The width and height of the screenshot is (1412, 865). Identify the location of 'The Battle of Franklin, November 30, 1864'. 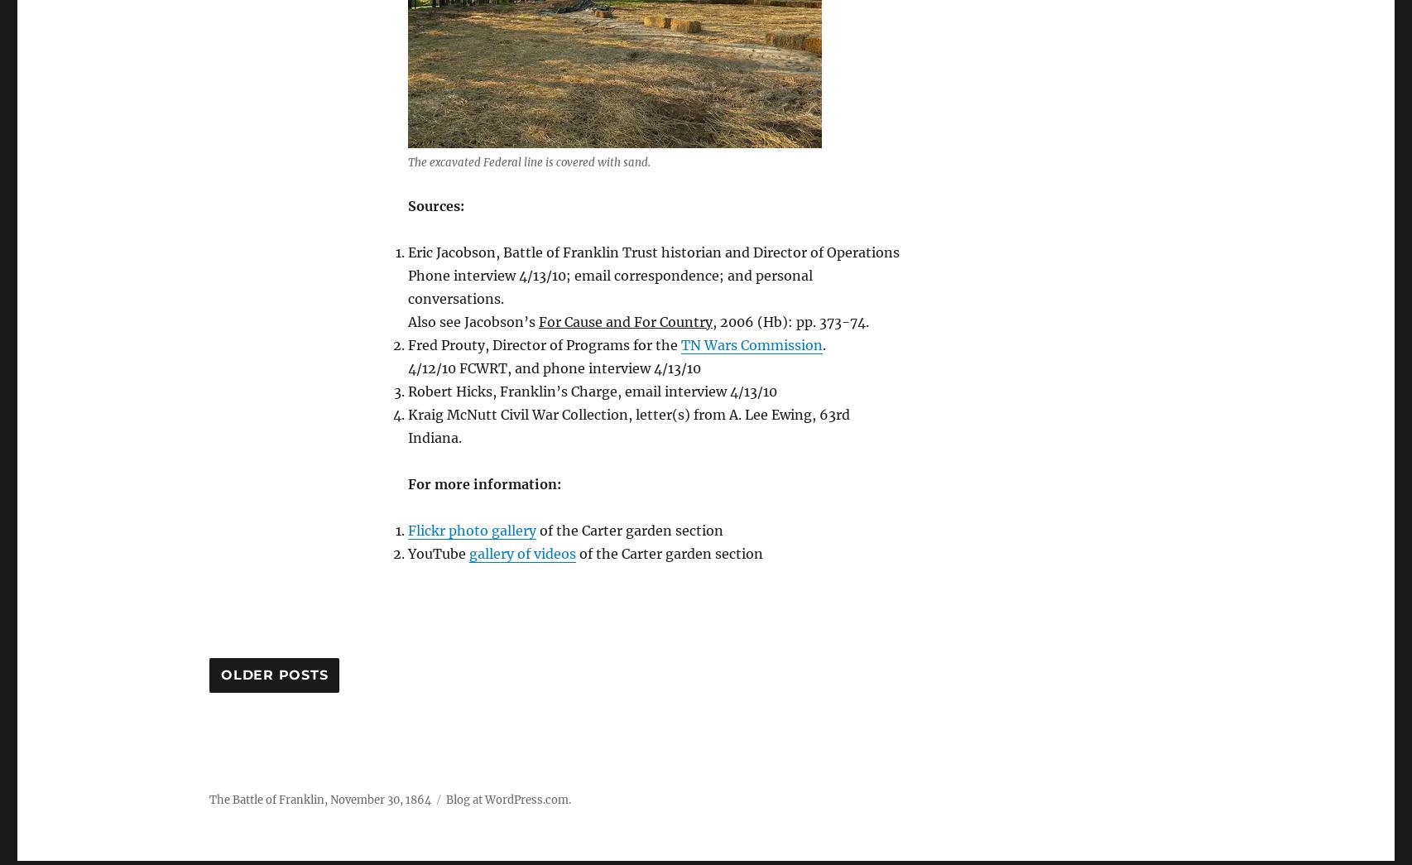
(319, 798).